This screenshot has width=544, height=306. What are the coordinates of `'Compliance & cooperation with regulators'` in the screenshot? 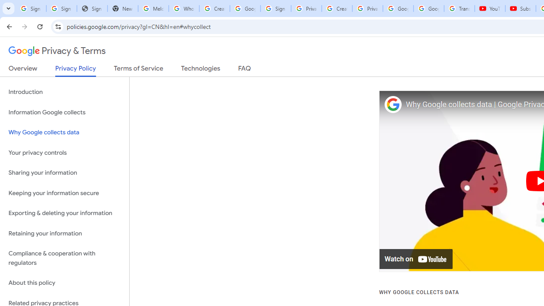 It's located at (64, 258).